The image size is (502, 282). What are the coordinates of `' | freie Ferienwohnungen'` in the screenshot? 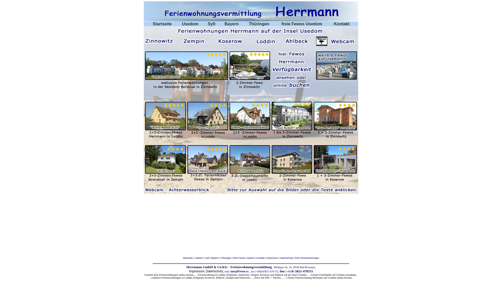 It's located at (306, 257).